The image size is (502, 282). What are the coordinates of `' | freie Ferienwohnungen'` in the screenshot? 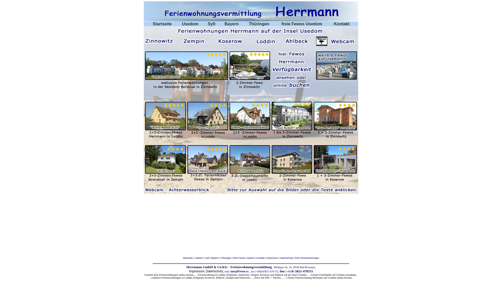 It's located at (306, 257).